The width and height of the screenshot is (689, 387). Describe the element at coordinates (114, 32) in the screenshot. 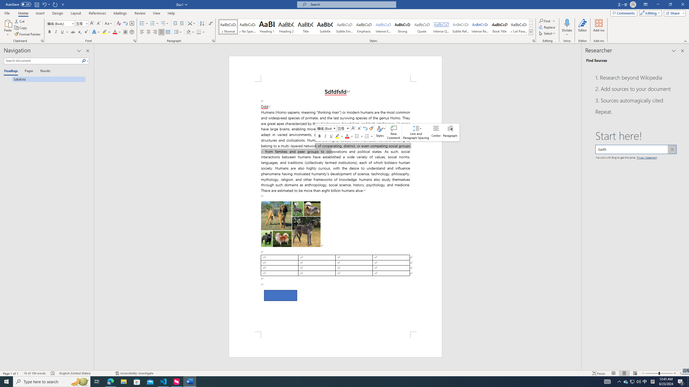

I see `'Font Color Red'` at that location.